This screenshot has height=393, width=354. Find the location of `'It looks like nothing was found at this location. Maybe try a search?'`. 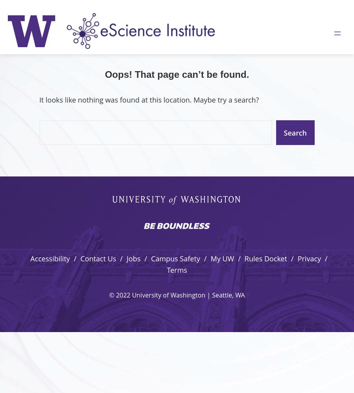

'It looks like nothing was found at this location. Maybe try a search?' is located at coordinates (149, 100).